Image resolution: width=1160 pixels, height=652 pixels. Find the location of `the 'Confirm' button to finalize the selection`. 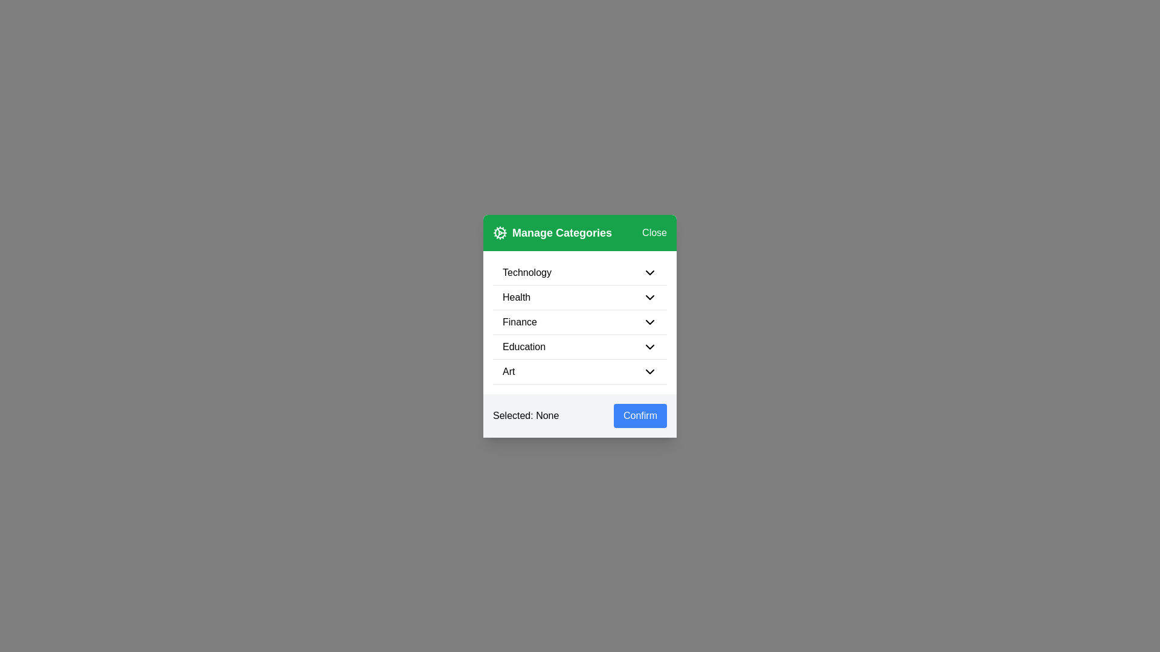

the 'Confirm' button to finalize the selection is located at coordinates (640, 415).